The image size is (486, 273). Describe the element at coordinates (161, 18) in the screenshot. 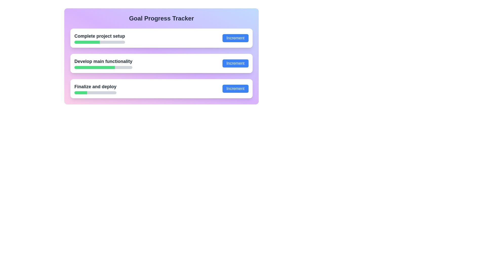

I see `the bold text label 'Goal Progress Tracker' which is centrally aligned at the top of the interface and positioned above the progress bars and buttons` at that location.